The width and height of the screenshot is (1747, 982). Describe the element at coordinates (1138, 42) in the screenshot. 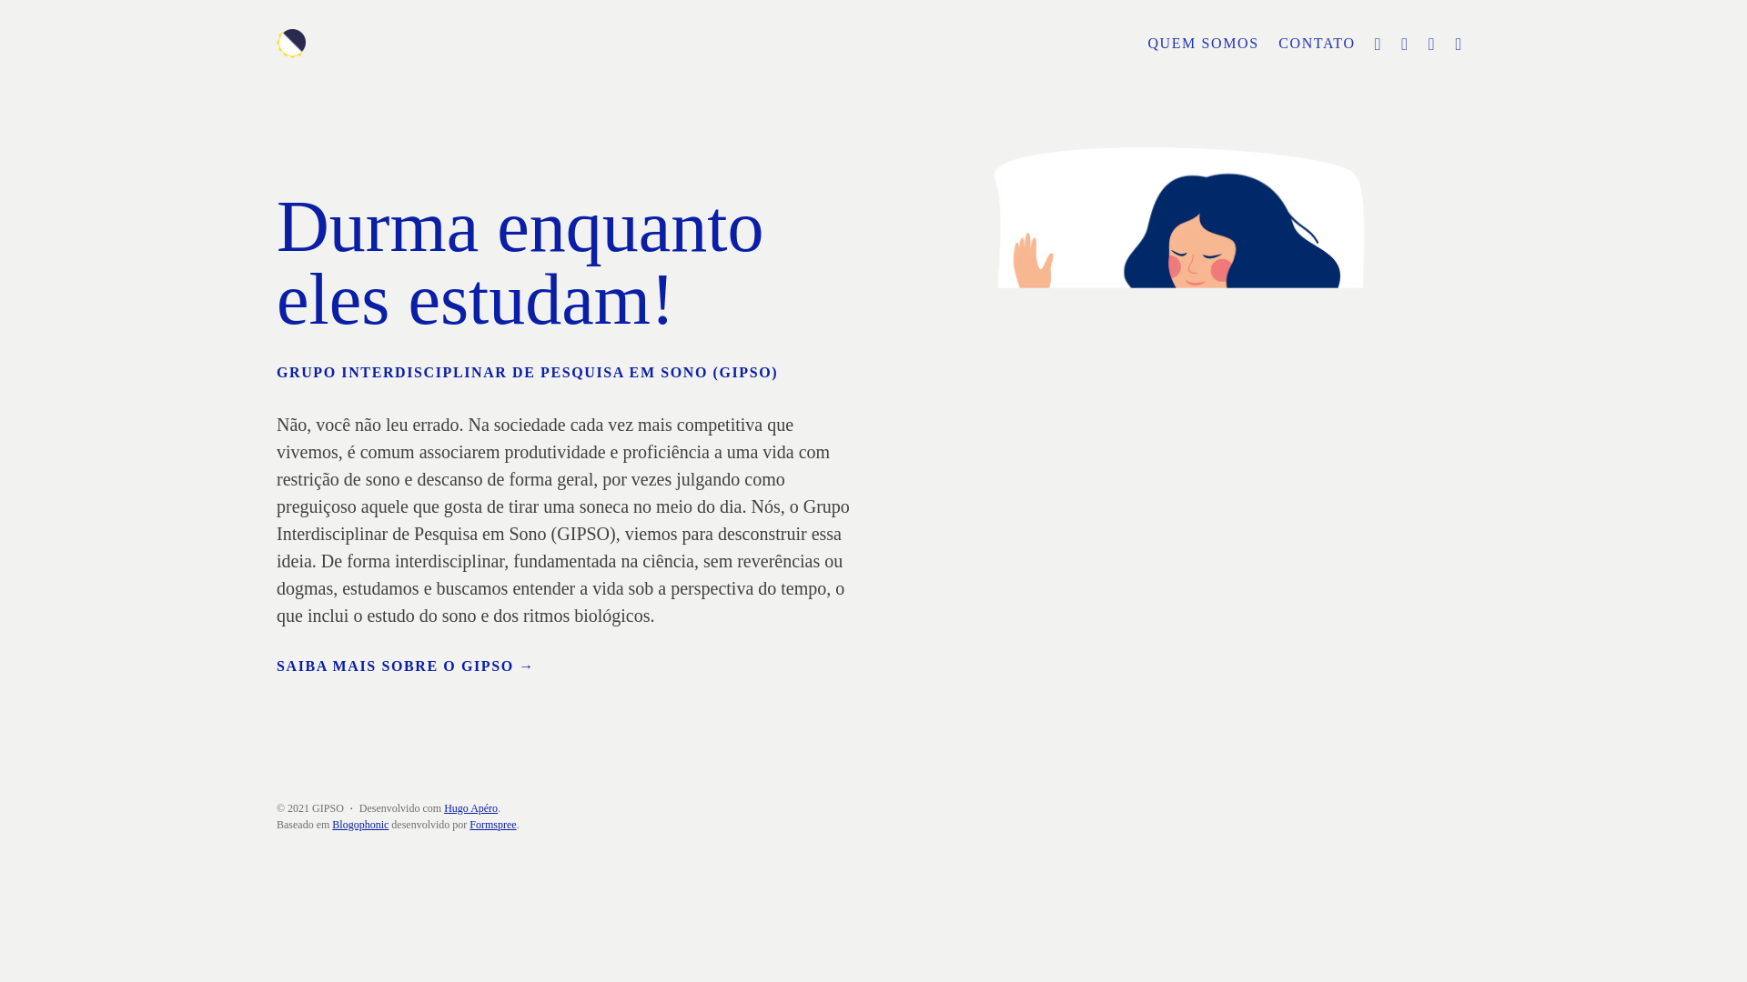

I see `'QUEM SOMOS'` at that location.